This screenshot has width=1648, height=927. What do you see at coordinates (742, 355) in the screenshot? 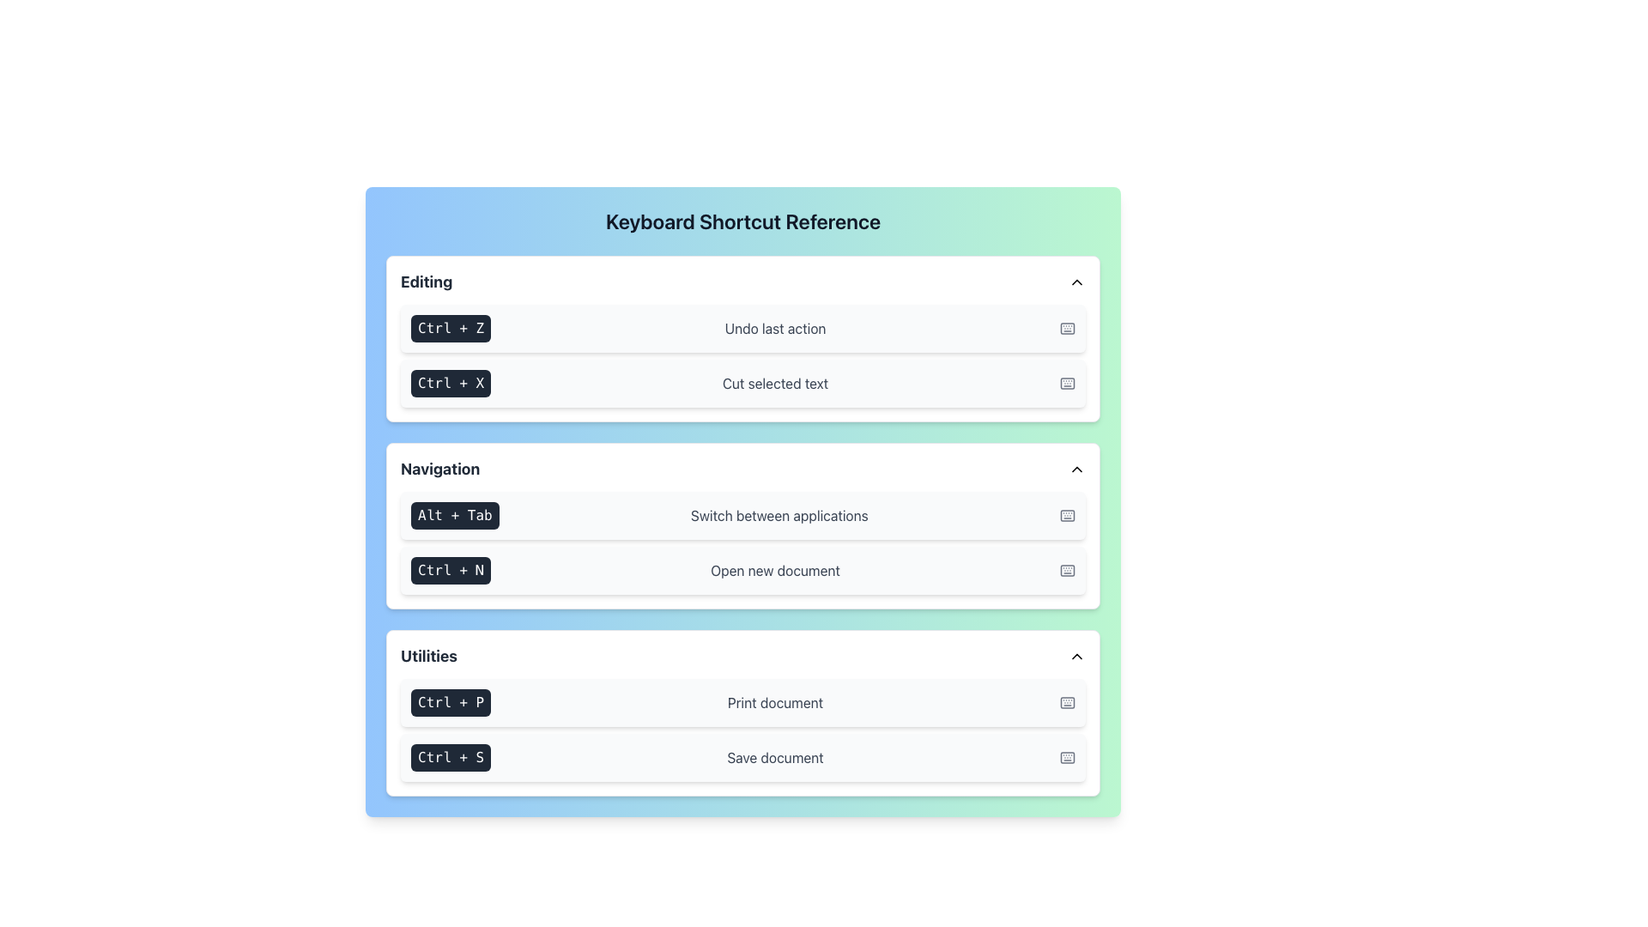
I see `shortcut descriptions from the Shortcut Reference Panel located in the 'Editing' section of the 'Keyboard Shortcut Reference' interface` at bounding box center [742, 355].